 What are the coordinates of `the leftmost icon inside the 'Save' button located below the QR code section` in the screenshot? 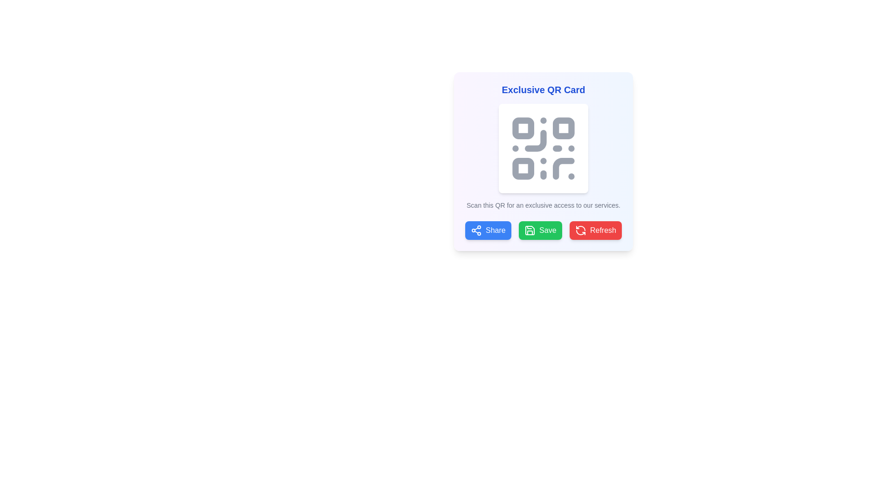 It's located at (530, 230).